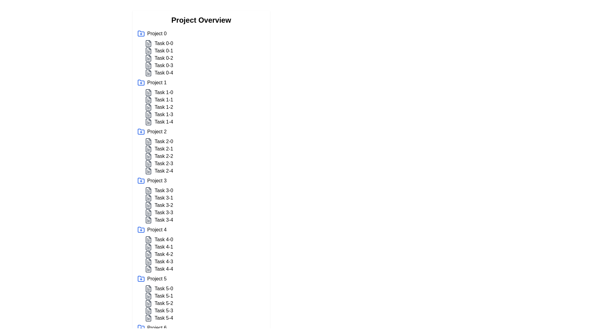 The image size is (589, 331). I want to click on the task document icon associated with 'Task 1-0' under 'Project 1', so click(148, 92).